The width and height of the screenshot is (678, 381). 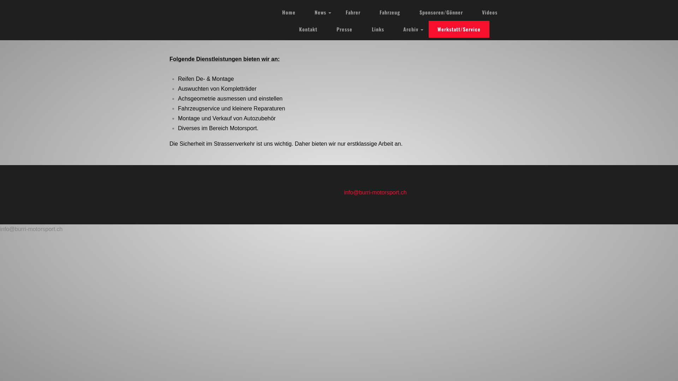 I want to click on 'Fahrzeug', so click(x=389, y=12).